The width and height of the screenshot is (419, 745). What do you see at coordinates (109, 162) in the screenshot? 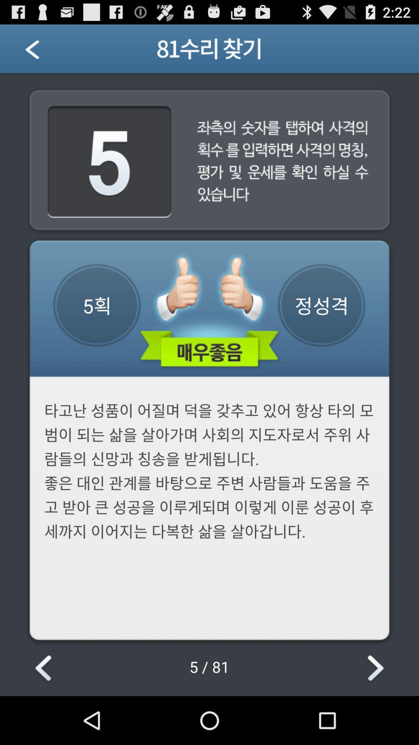
I see `the text with 5` at bounding box center [109, 162].